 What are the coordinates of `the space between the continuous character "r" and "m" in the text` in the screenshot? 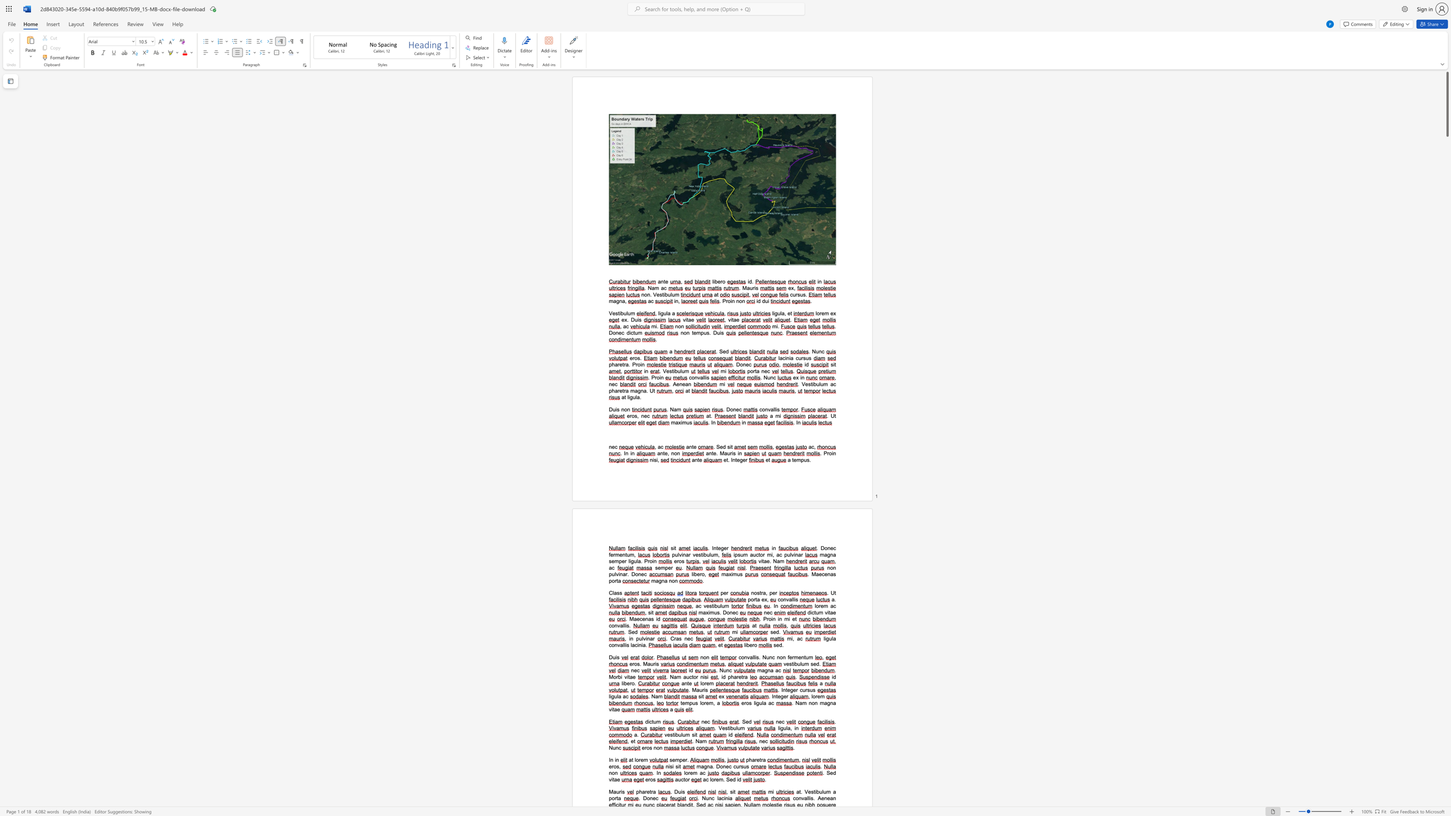 It's located at (615, 555).